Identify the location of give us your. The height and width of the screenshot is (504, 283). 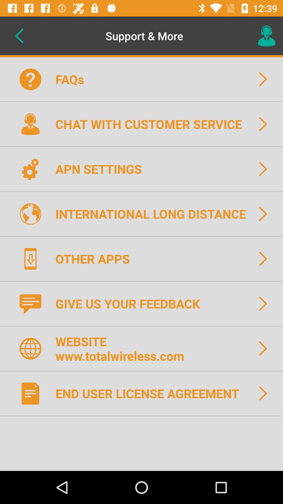
(131, 303).